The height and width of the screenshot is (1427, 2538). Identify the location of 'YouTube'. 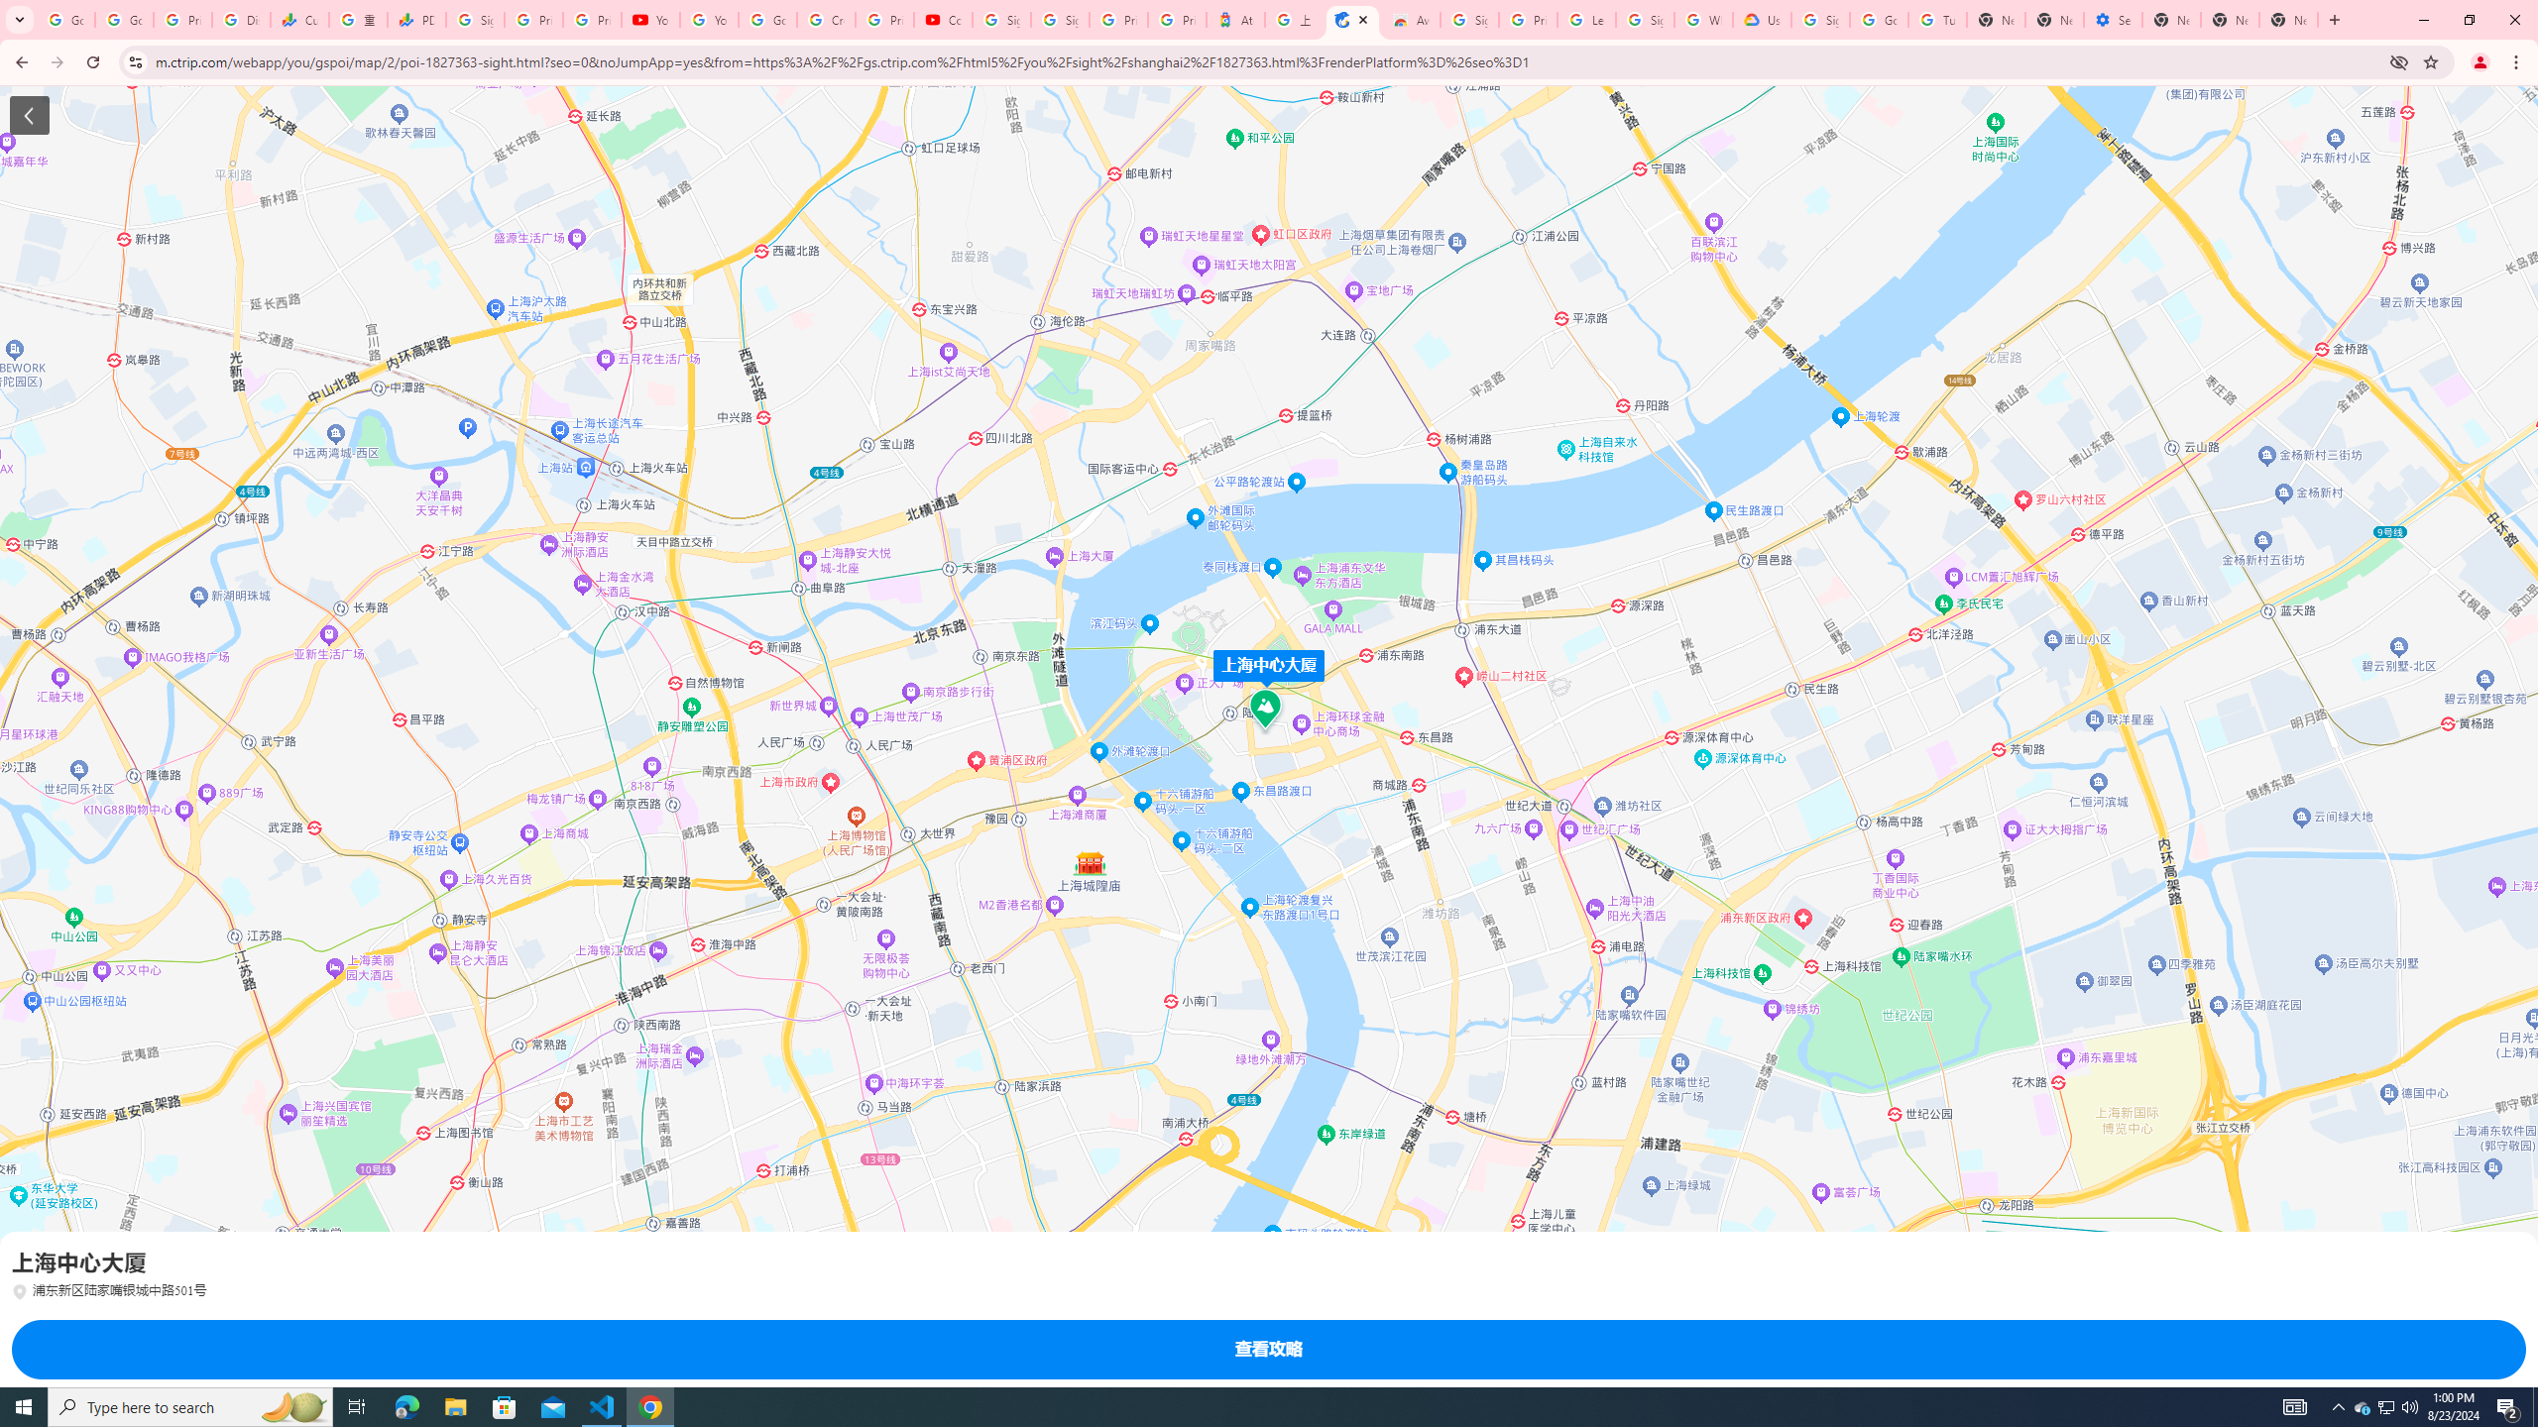
(708, 19).